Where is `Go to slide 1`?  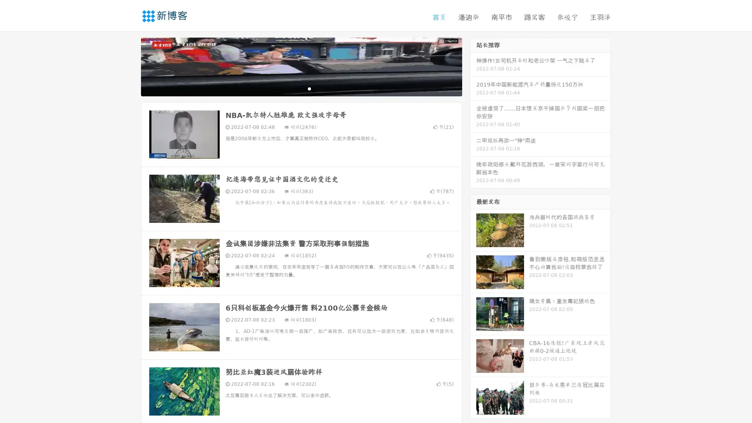
Go to slide 1 is located at coordinates (293, 88).